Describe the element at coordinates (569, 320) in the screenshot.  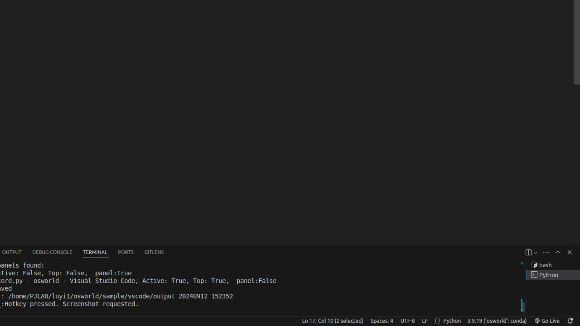
I see `'Notifications'` at that location.